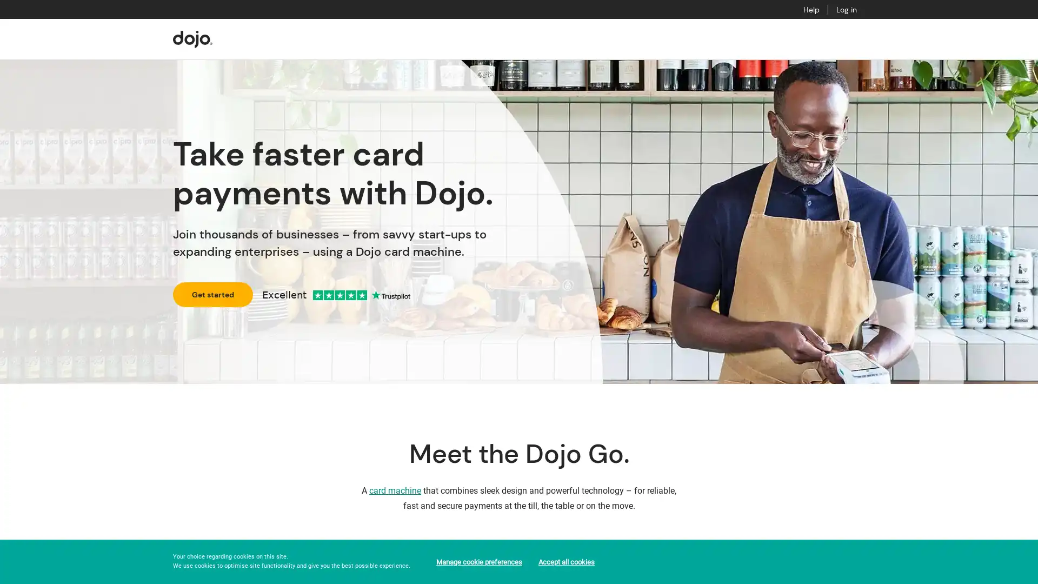  Describe the element at coordinates (478, 561) in the screenshot. I see `Manage cookie preferences` at that location.